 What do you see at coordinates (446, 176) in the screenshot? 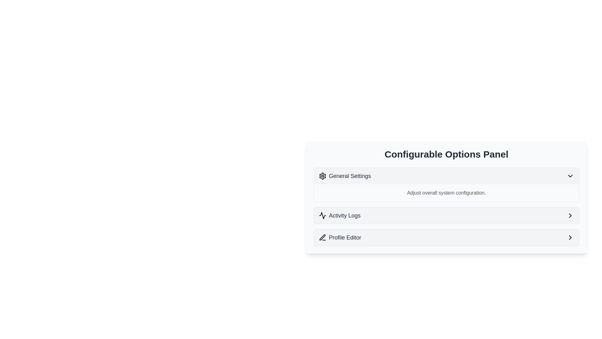
I see `the 'General Settings' dropdown button located at the top of the 'Configurable Options Panel'` at bounding box center [446, 176].